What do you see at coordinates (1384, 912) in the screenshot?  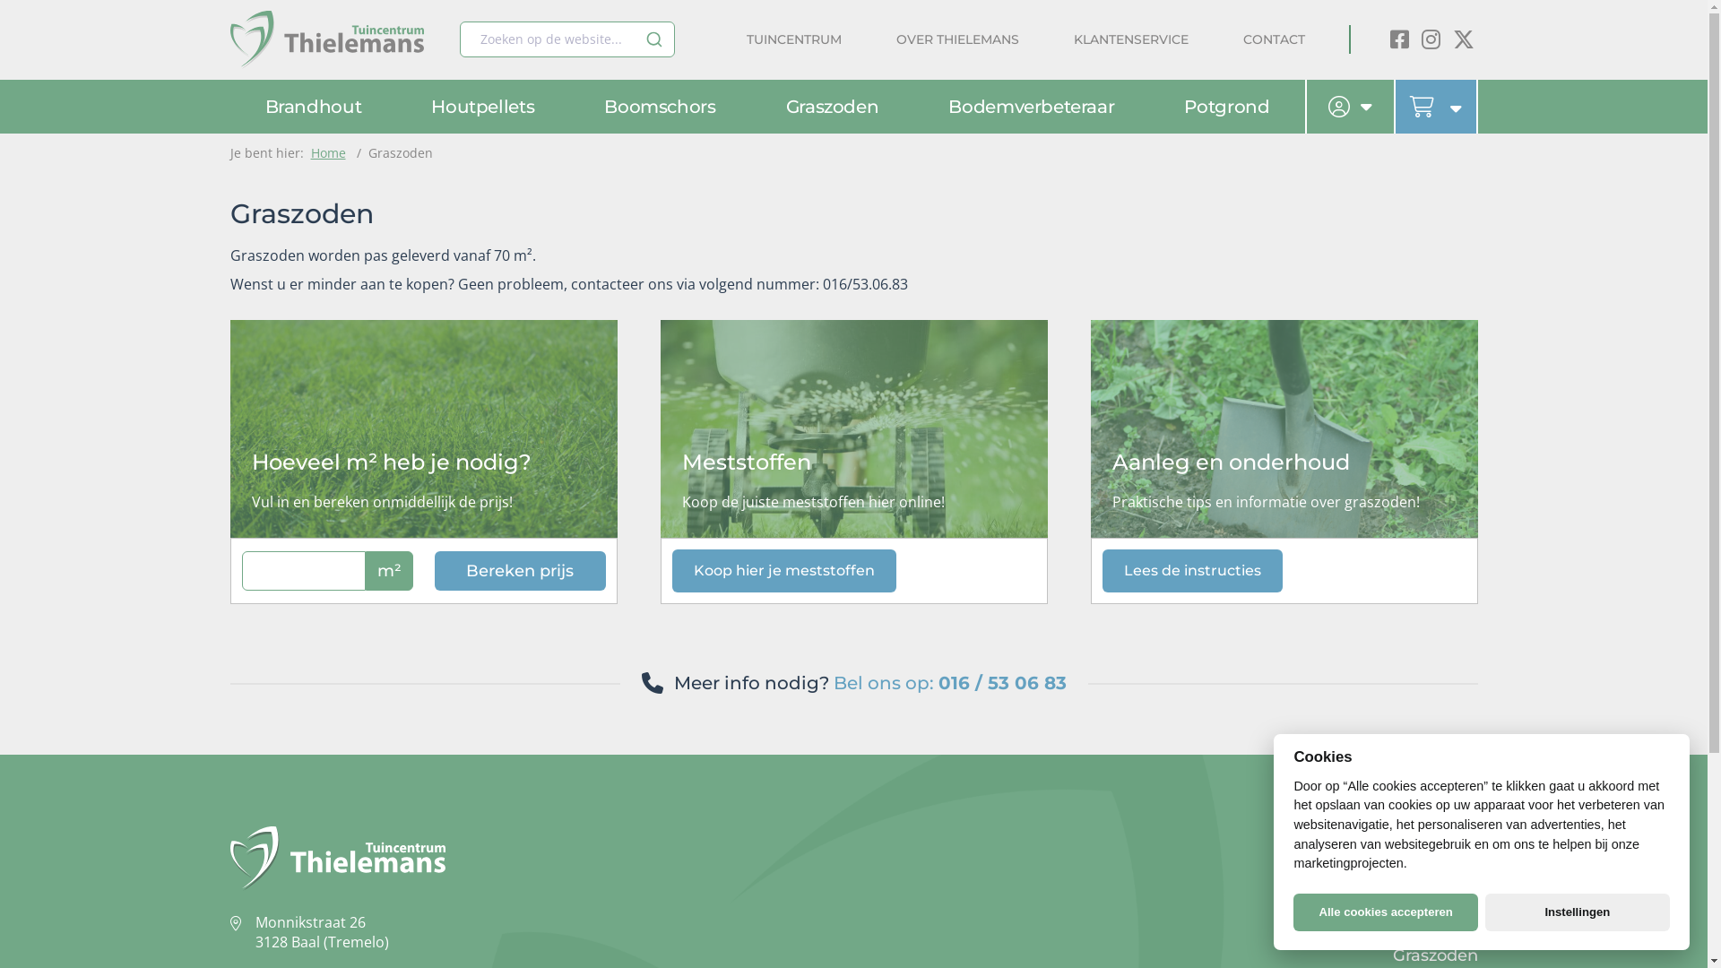 I see `'Alle cookies accepteren'` at bounding box center [1384, 912].